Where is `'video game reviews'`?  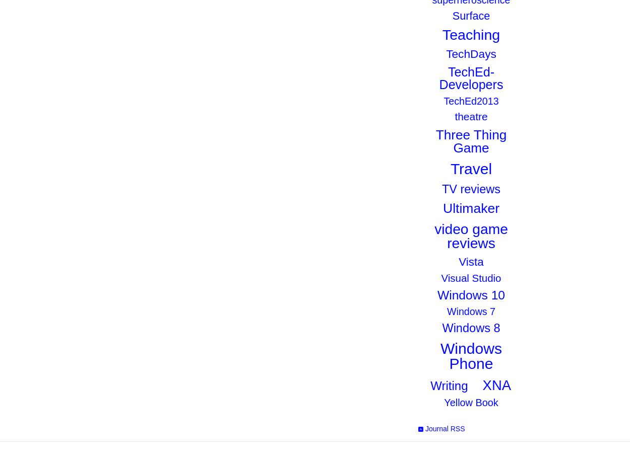
'video game reviews' is located at coordinates (471, 236).